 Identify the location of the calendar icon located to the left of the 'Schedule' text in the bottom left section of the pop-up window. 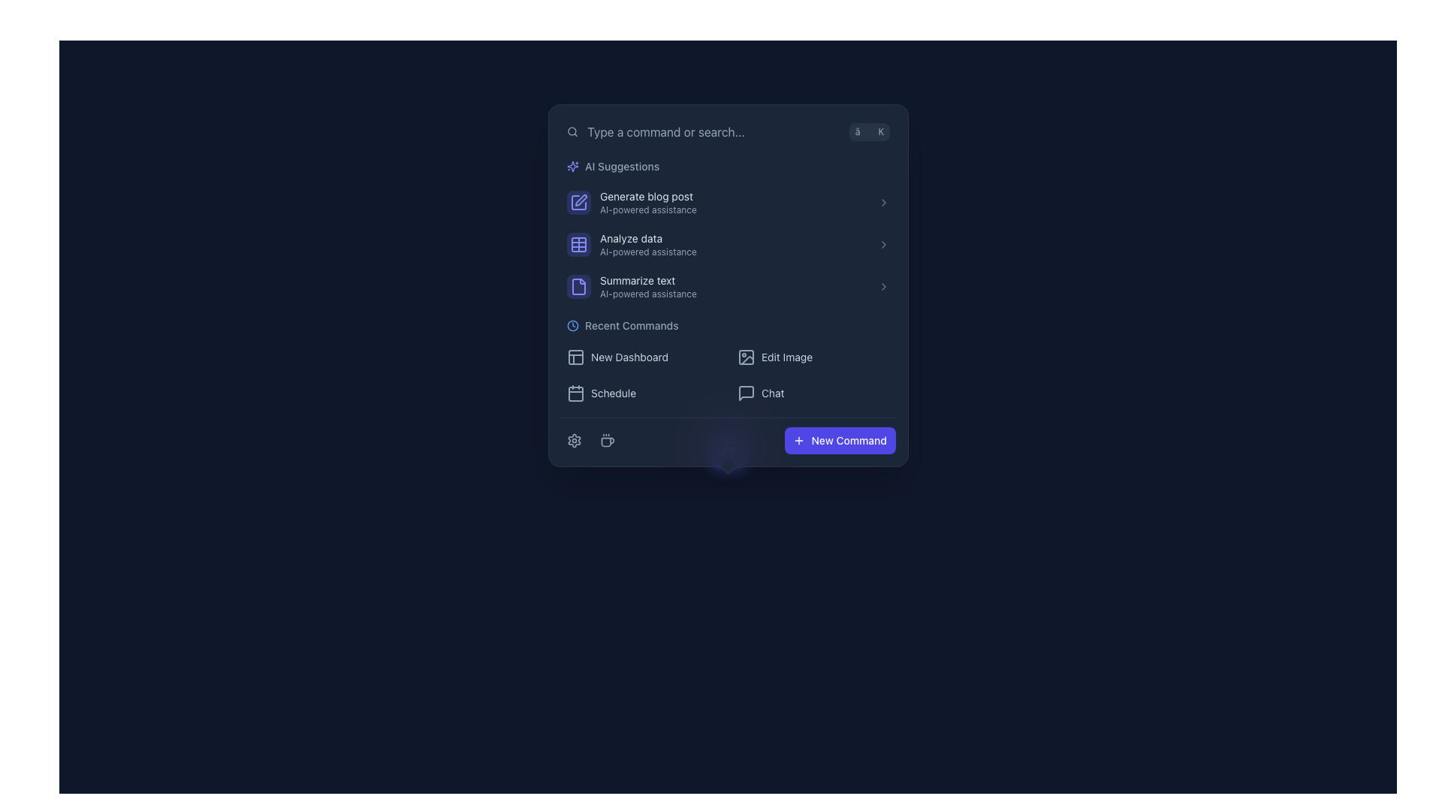
(575, 393).